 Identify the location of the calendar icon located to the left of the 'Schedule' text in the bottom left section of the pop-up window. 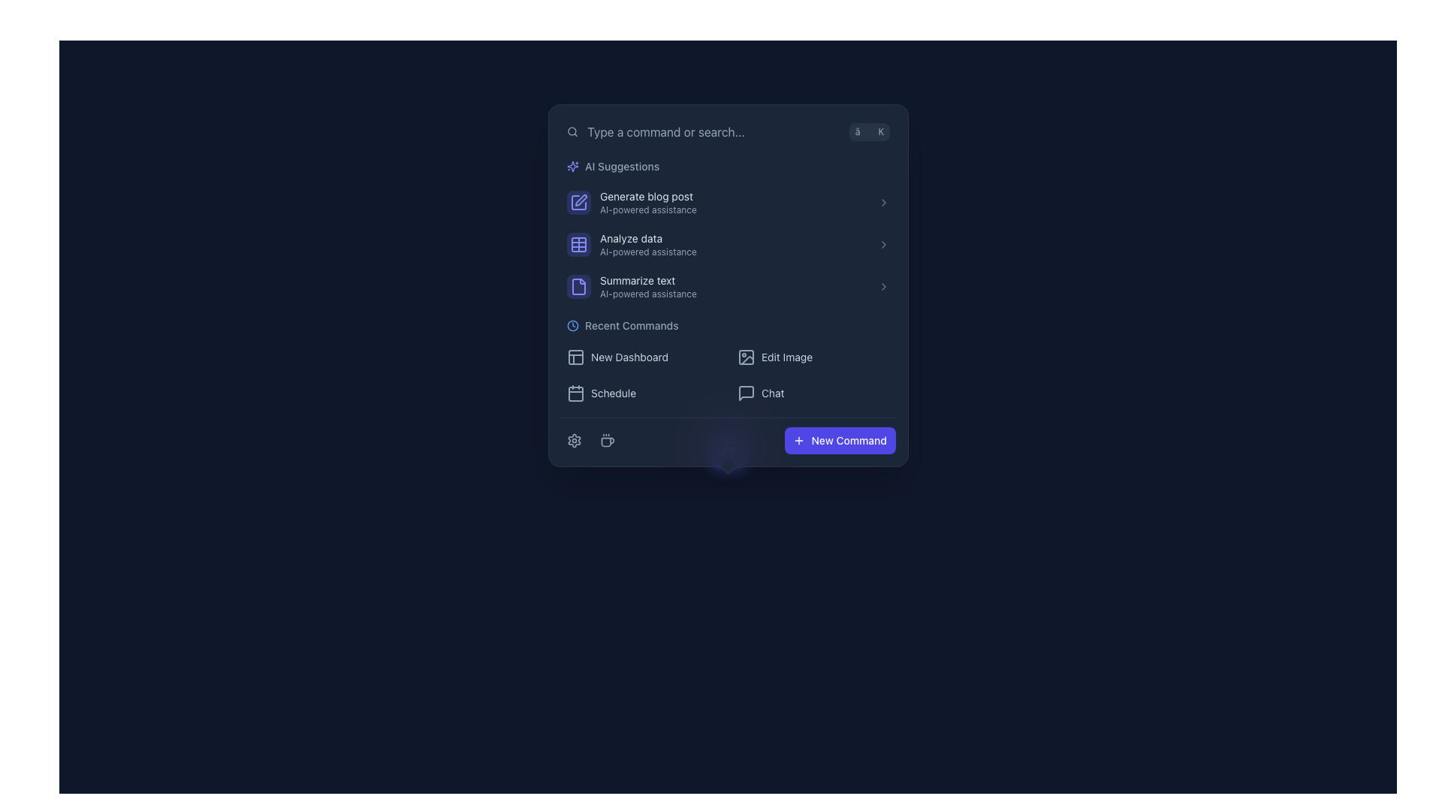
(575, 393).